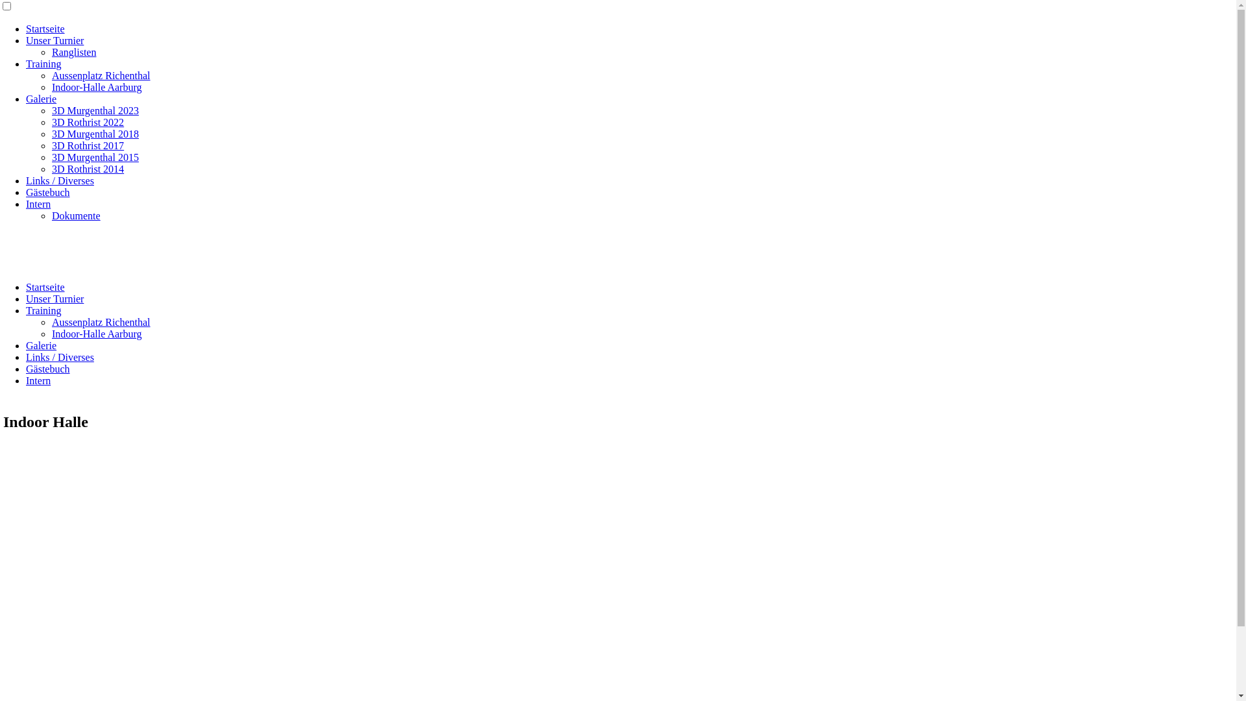 Image resolution: width=1246 pixels, height=701 pixels. What do you see at coordinates (41, 98) in the screenshot?
I see `'Galerie'` at bounding box center [41, 98].